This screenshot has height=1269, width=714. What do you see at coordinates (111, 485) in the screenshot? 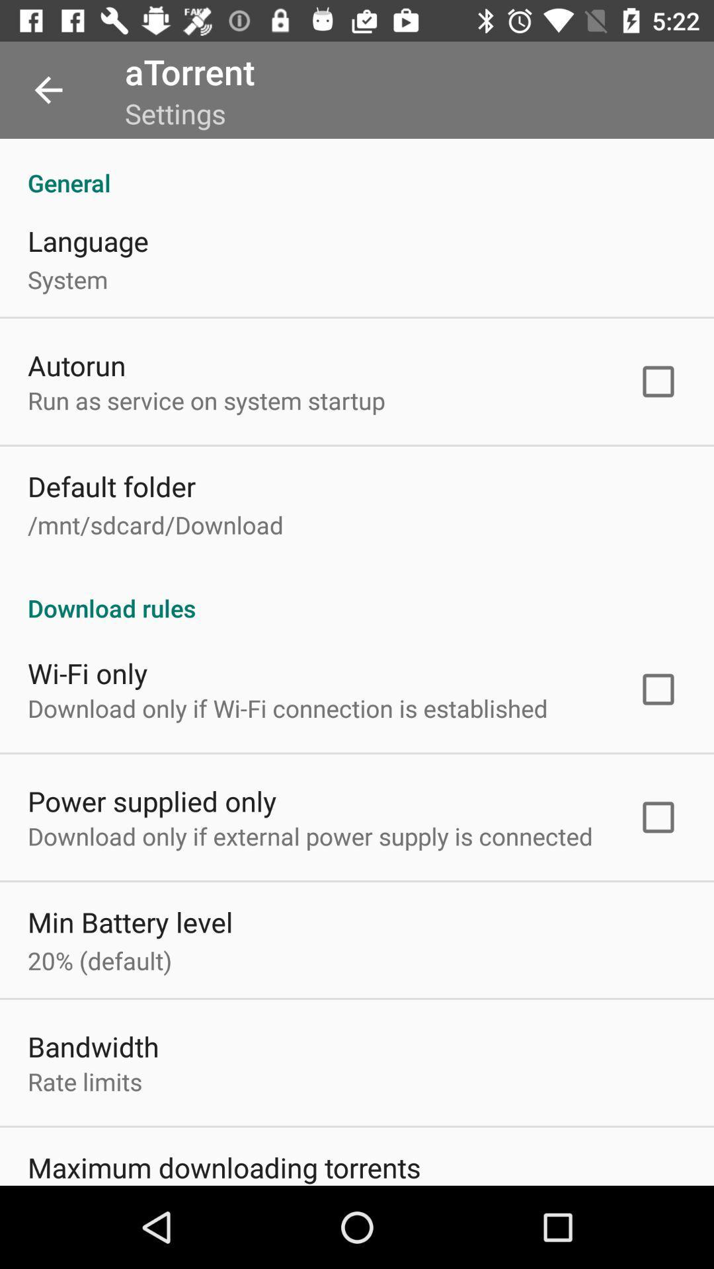
I see `icon above /mnt/sdcard/download item` at bounding box center [111, 485].